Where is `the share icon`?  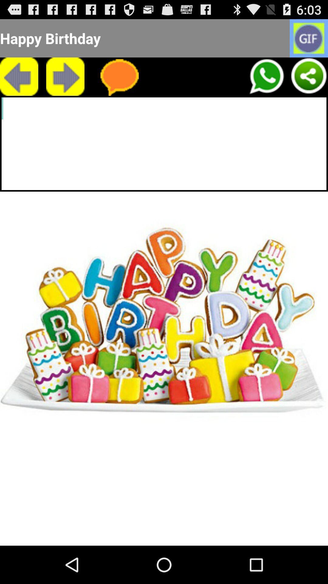 the share icon is located at coordinates (309, 82).